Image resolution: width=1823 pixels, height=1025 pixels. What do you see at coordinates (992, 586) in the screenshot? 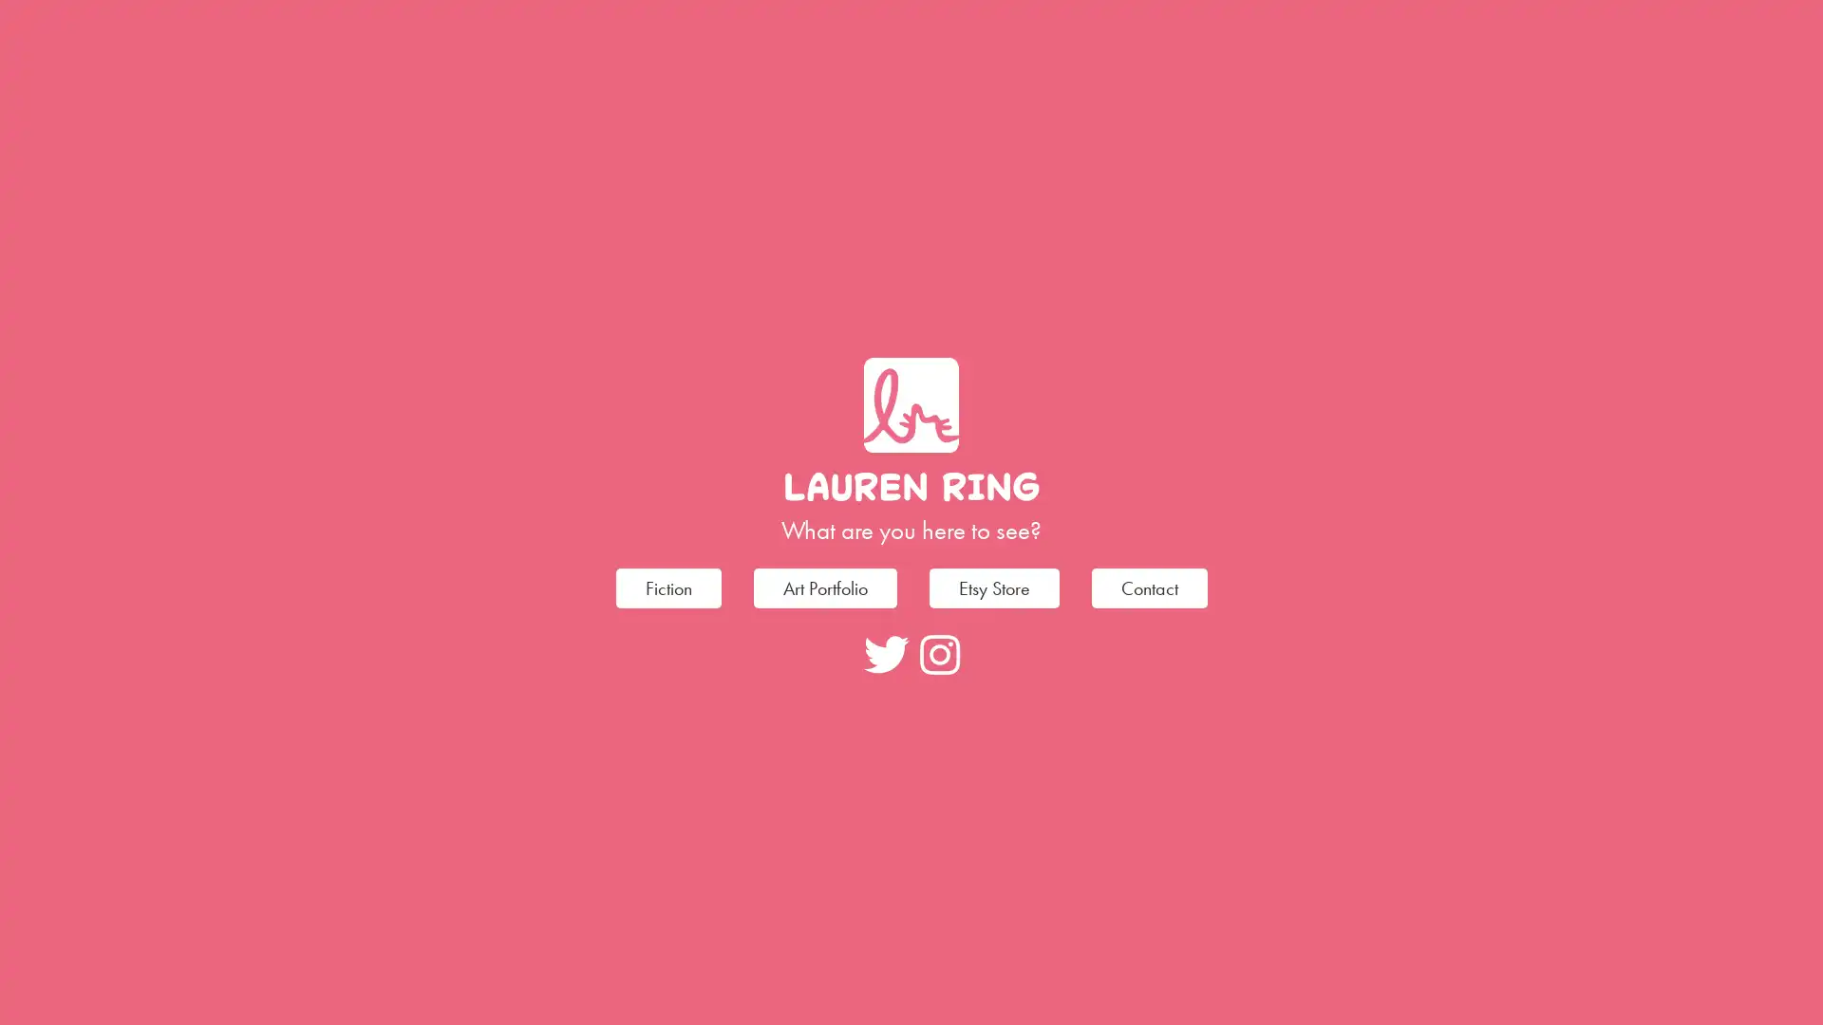
I see `Etsy Store` at bounding box center [992, 586].